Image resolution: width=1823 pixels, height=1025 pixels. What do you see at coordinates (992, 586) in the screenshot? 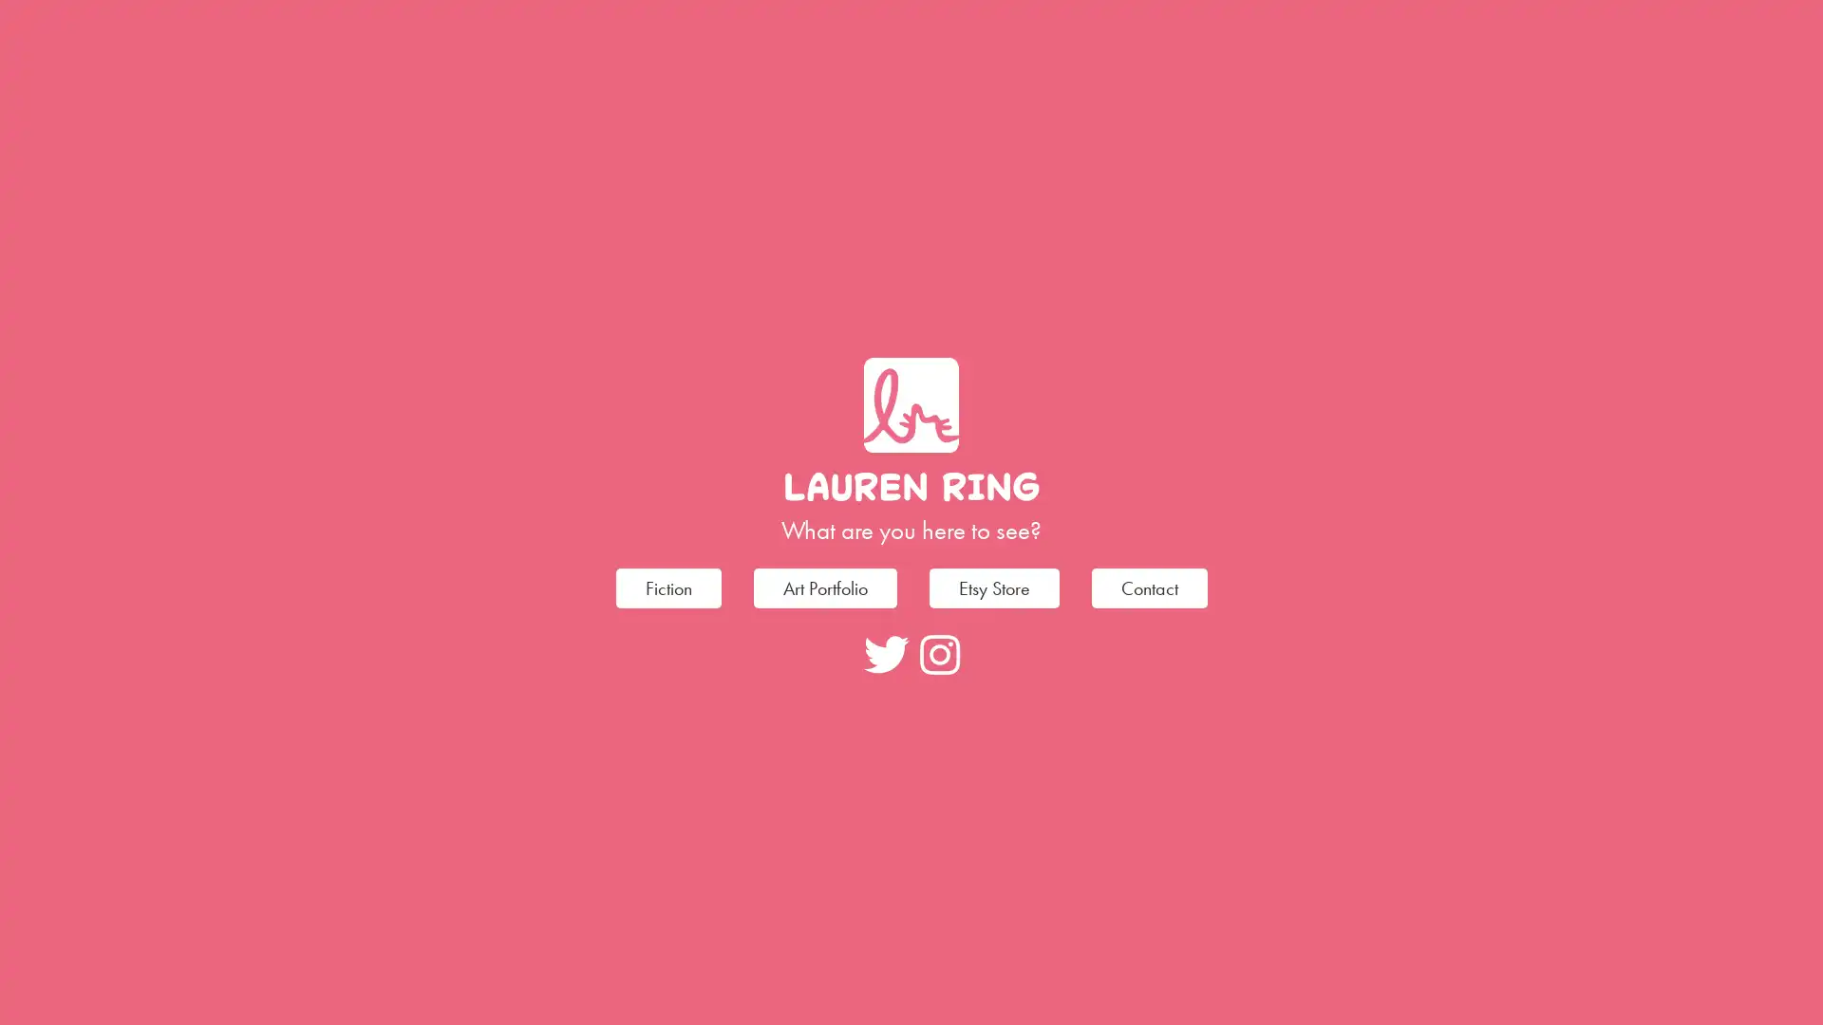
I see `Etsy Store` at bounding box center [992, 586].